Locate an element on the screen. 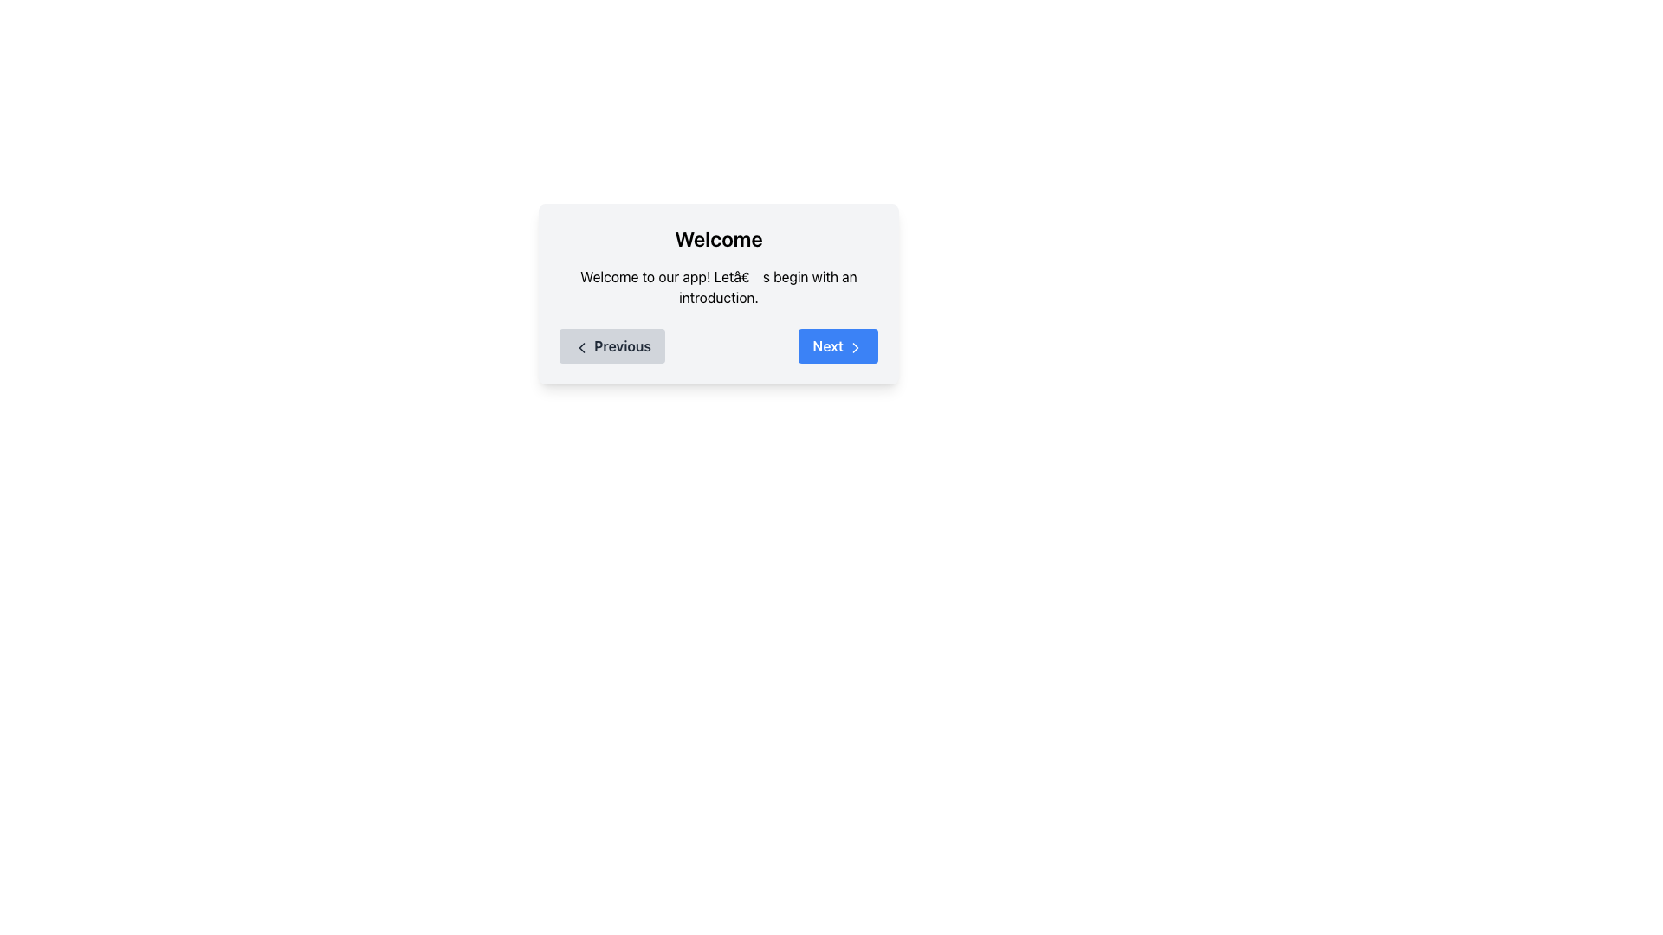 The image size is (1663, 935). the leftward-pointing arrow icon within the 'Previous' button located in the bottom left area of the dialog box is located at coordinates (582, 347).